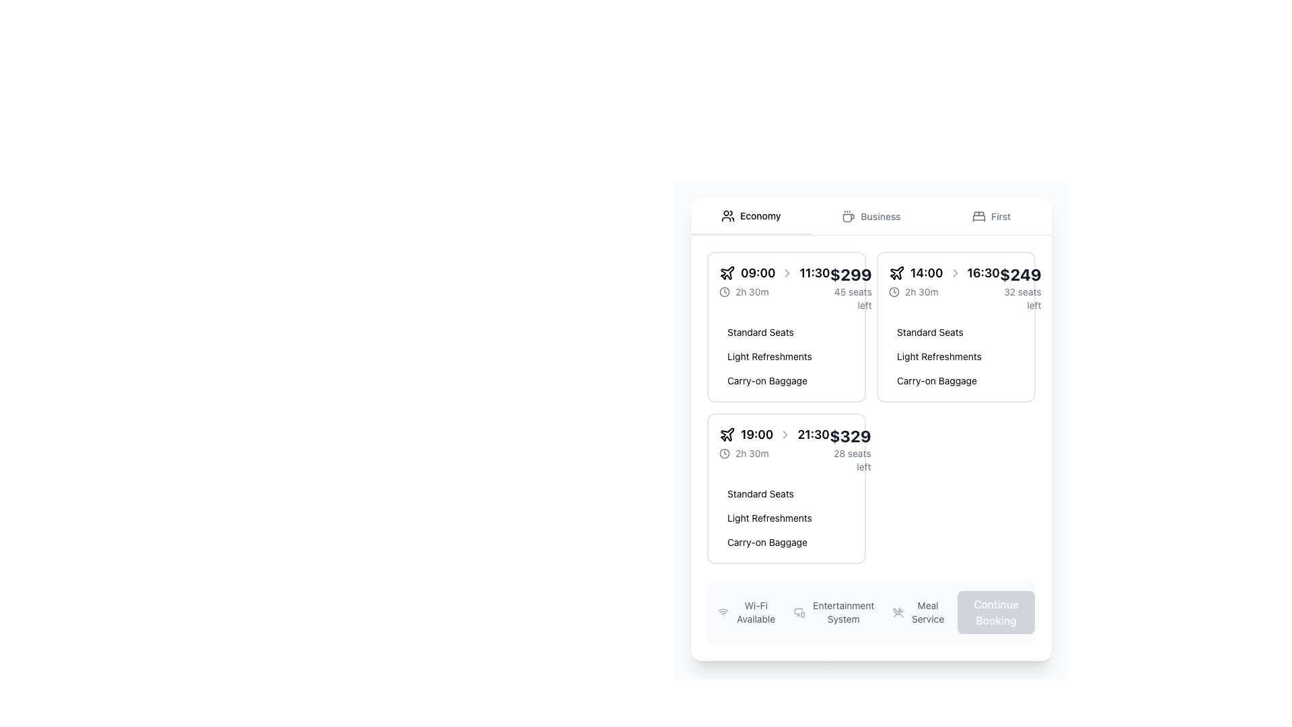  Describe the element at coordinates (775, 273) in the screenshot. I see `the text display element showing the time range '09:00' to '11:30' with a plane icon on the left` at that location.